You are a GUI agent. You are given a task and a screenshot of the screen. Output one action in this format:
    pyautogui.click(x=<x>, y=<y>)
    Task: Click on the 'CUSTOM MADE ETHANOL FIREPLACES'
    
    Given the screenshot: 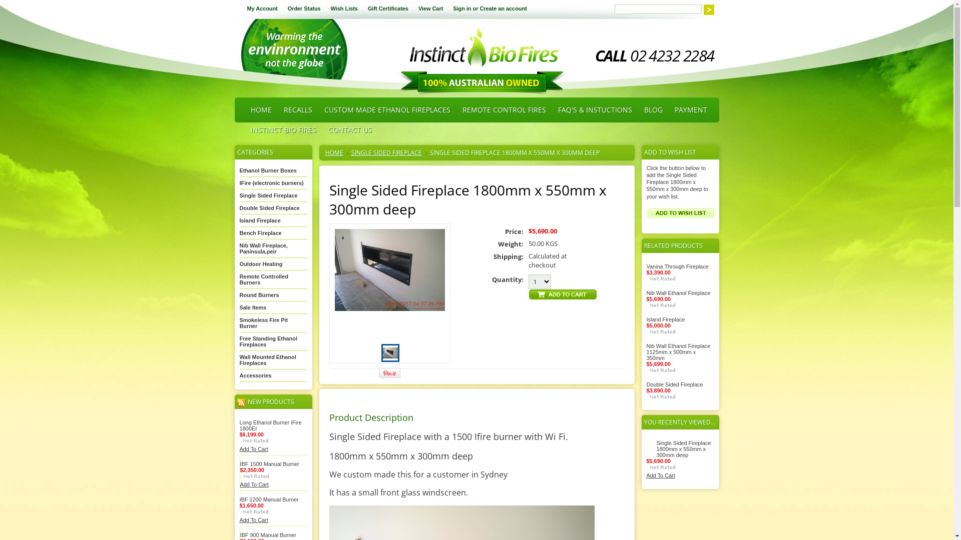 What is the action you would take?
    pyautogui.click(x=386, y=109)
    